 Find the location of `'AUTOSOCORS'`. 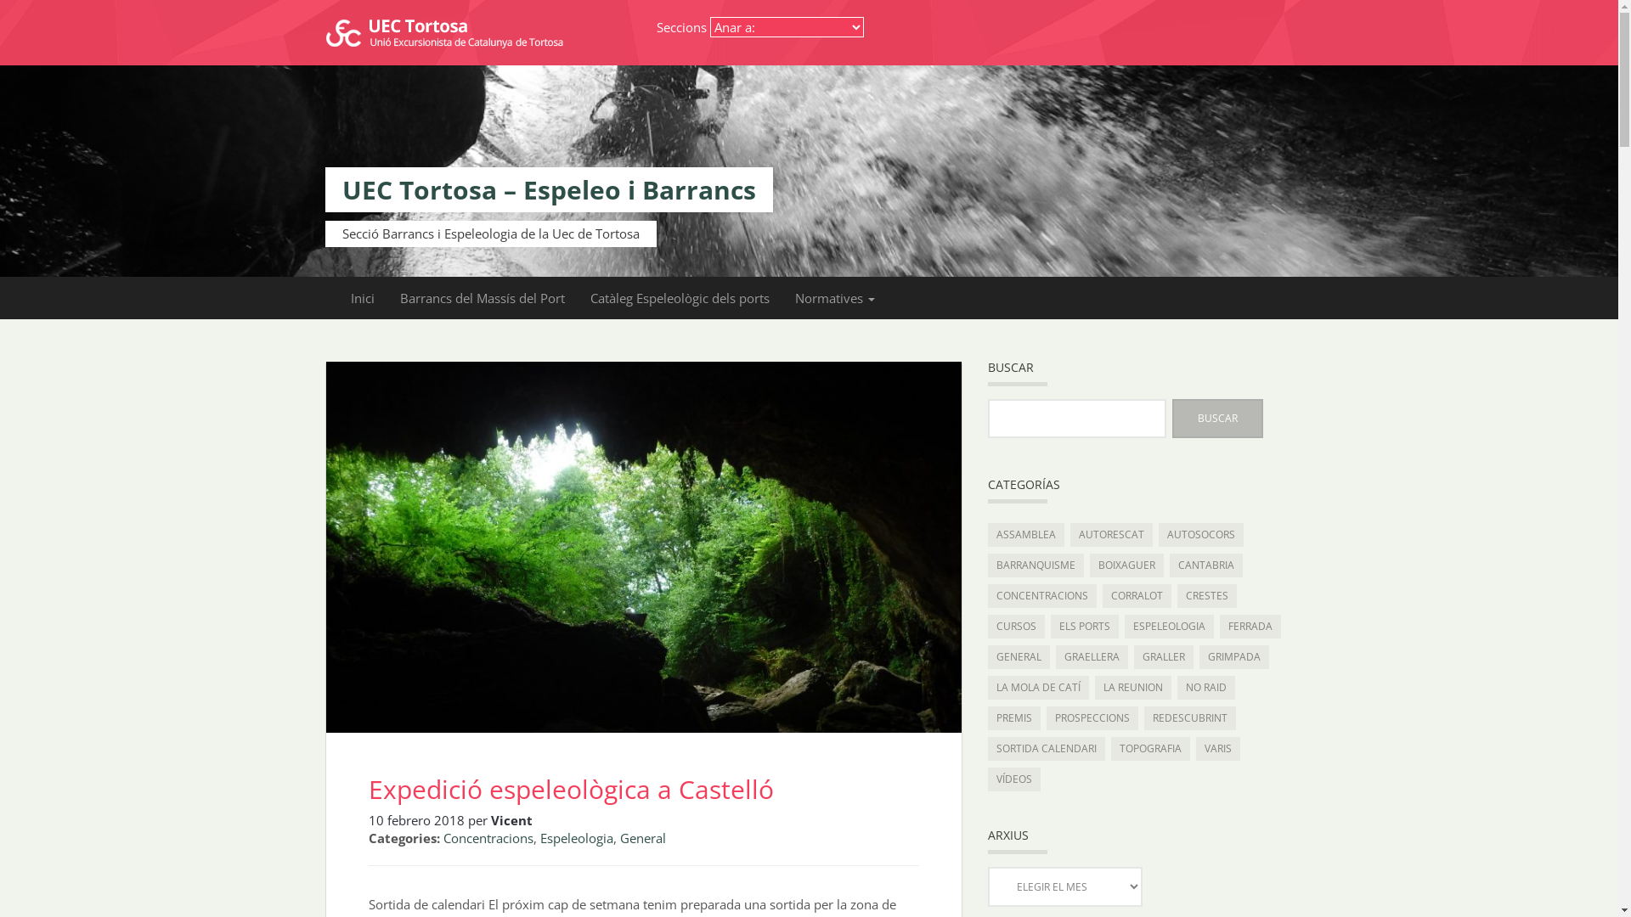

'AUTOSOCORS' is located at coordinates (1200, 533).